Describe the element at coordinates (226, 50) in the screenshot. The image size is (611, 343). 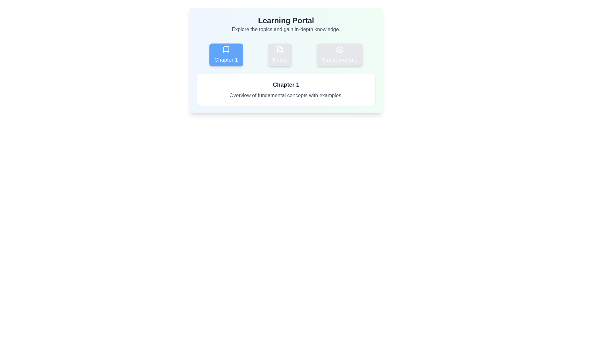
I see `the open book icon located at the top center of the 'Chapter 1' button in the Learning Portal interface` at that location.